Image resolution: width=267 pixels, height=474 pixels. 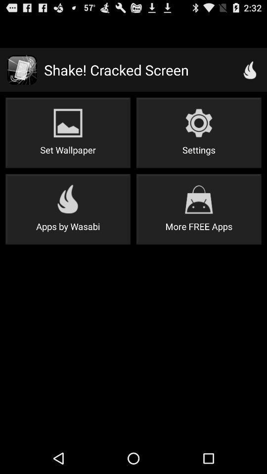 What do you see at coordinates (199, 132) in the screenshot?
I see `icon below the shake! cracked screen` at bounding box center [199, 132].